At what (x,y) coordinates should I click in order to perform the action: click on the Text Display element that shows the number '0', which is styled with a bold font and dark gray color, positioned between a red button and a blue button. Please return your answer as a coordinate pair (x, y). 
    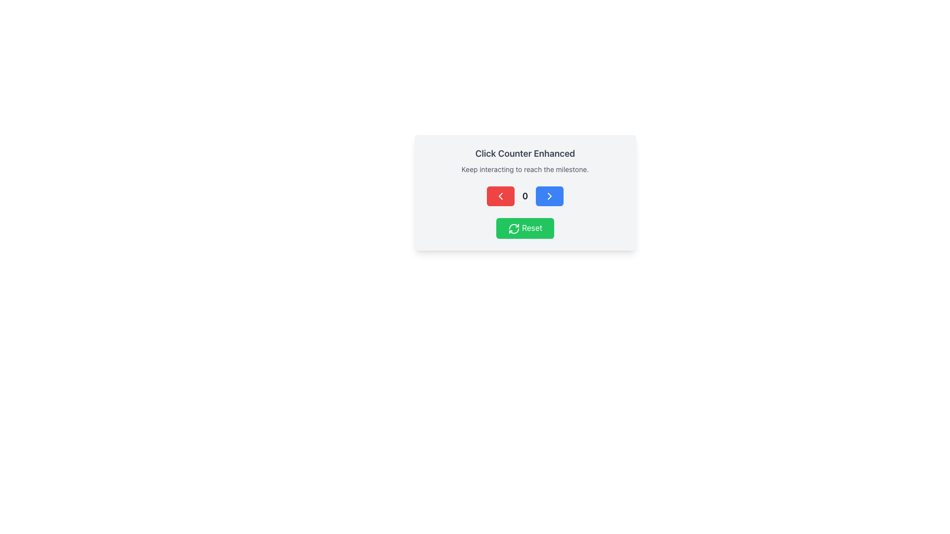
    Looking at the image, I should click on (524, 196).